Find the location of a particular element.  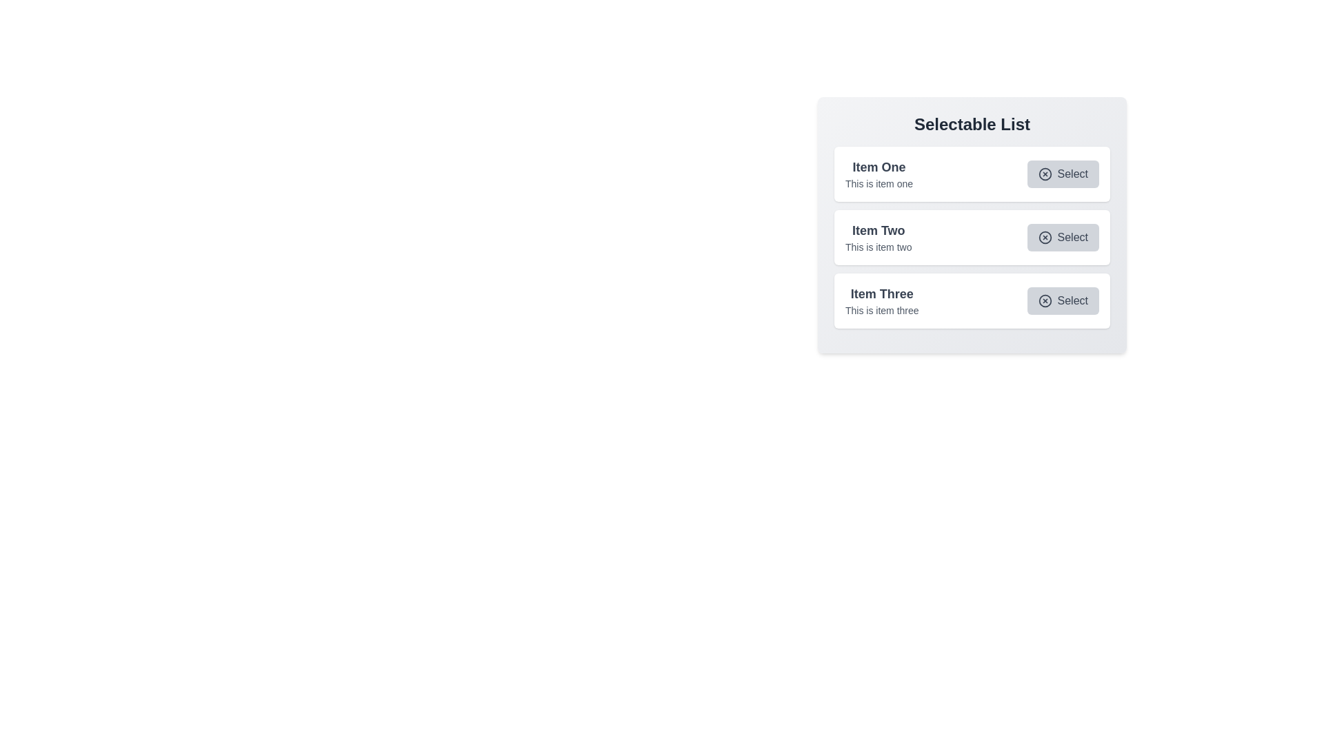

'Select' button for item Item One is located at coordinates (1062, 174).